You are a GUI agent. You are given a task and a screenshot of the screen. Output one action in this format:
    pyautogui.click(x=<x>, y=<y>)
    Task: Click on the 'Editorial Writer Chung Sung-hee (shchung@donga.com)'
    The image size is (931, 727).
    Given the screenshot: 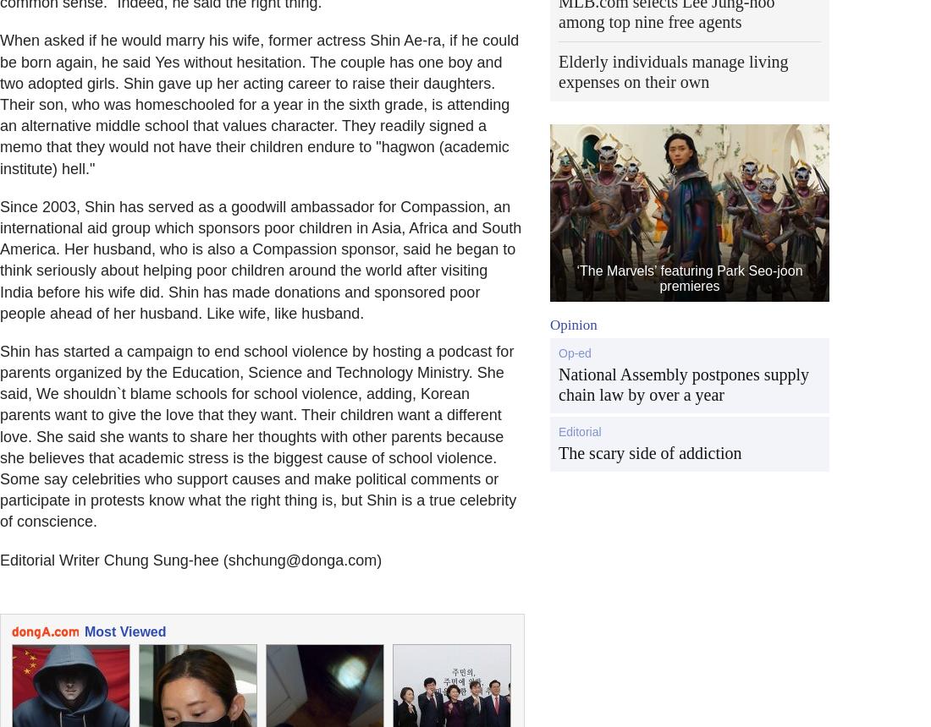 What is the action you would take?
    pyautogui.click(x=190, y=560)
    